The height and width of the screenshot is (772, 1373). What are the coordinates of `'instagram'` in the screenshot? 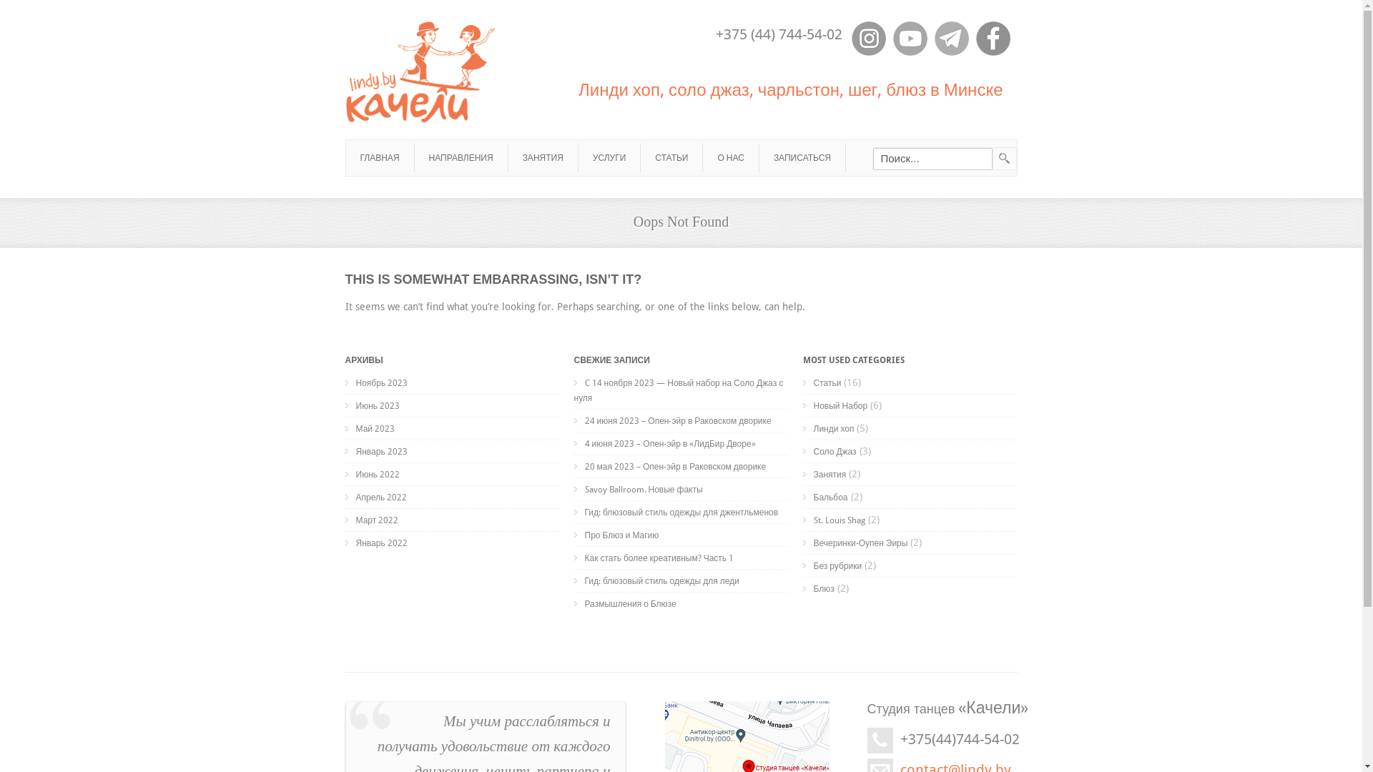 It's located at (867, 38).